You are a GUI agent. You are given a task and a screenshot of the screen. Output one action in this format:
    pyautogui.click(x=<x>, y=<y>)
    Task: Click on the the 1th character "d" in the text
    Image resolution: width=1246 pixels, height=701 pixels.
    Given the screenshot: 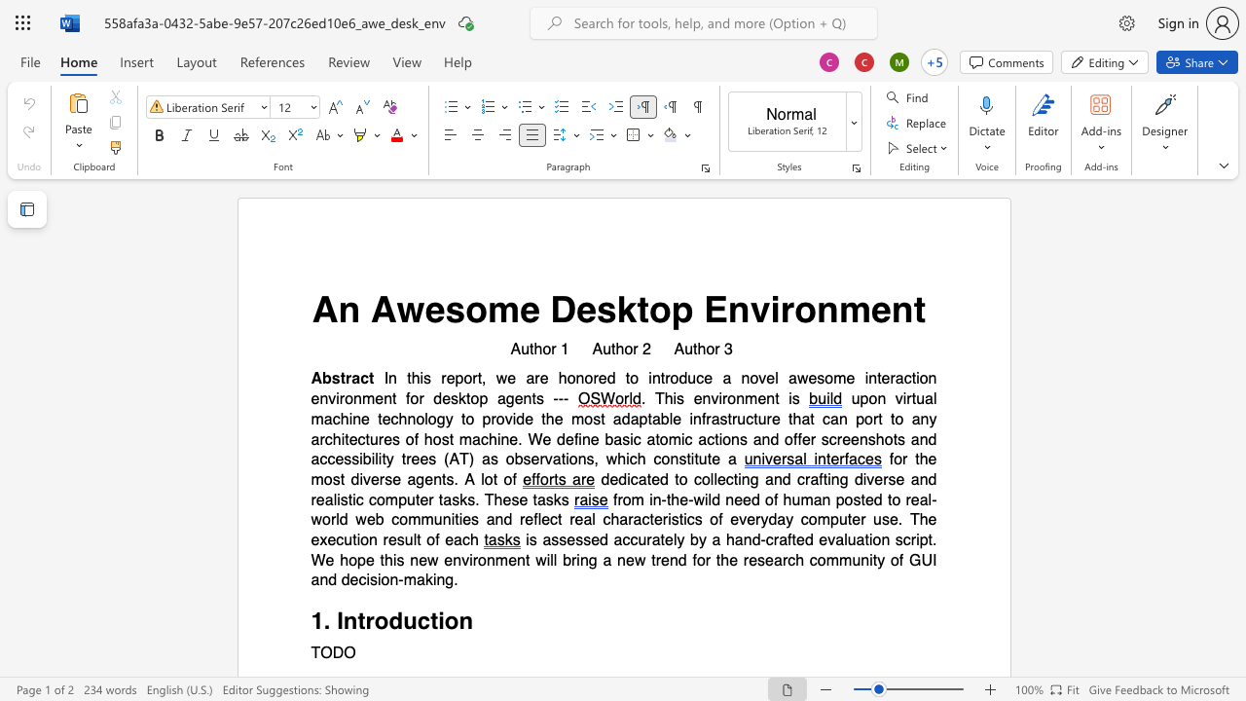 What is the action you would take?
    pyautogui.click(x=394, y=621)
    